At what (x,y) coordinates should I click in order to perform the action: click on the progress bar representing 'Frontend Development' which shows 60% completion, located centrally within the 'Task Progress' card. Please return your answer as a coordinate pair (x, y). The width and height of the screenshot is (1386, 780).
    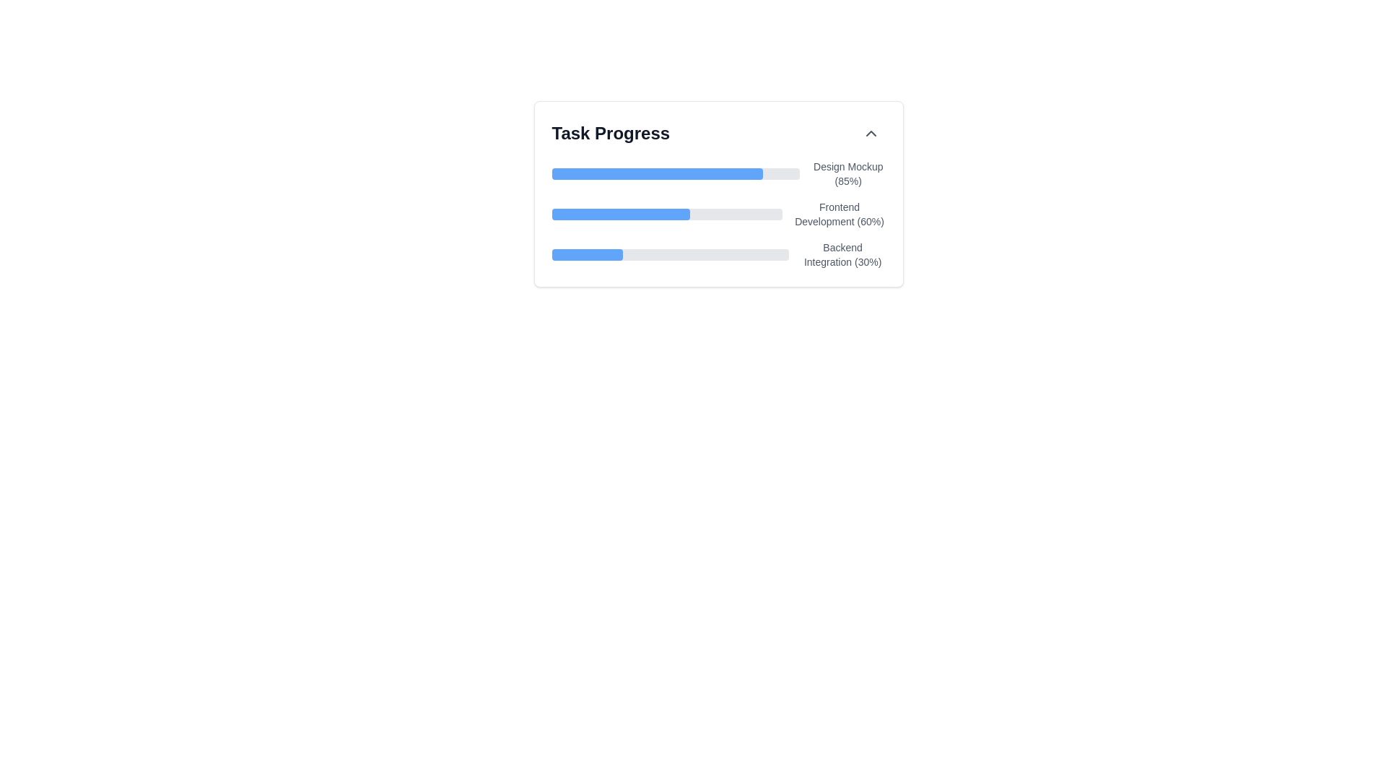
    Looking at the image, I should click on (621, 214).